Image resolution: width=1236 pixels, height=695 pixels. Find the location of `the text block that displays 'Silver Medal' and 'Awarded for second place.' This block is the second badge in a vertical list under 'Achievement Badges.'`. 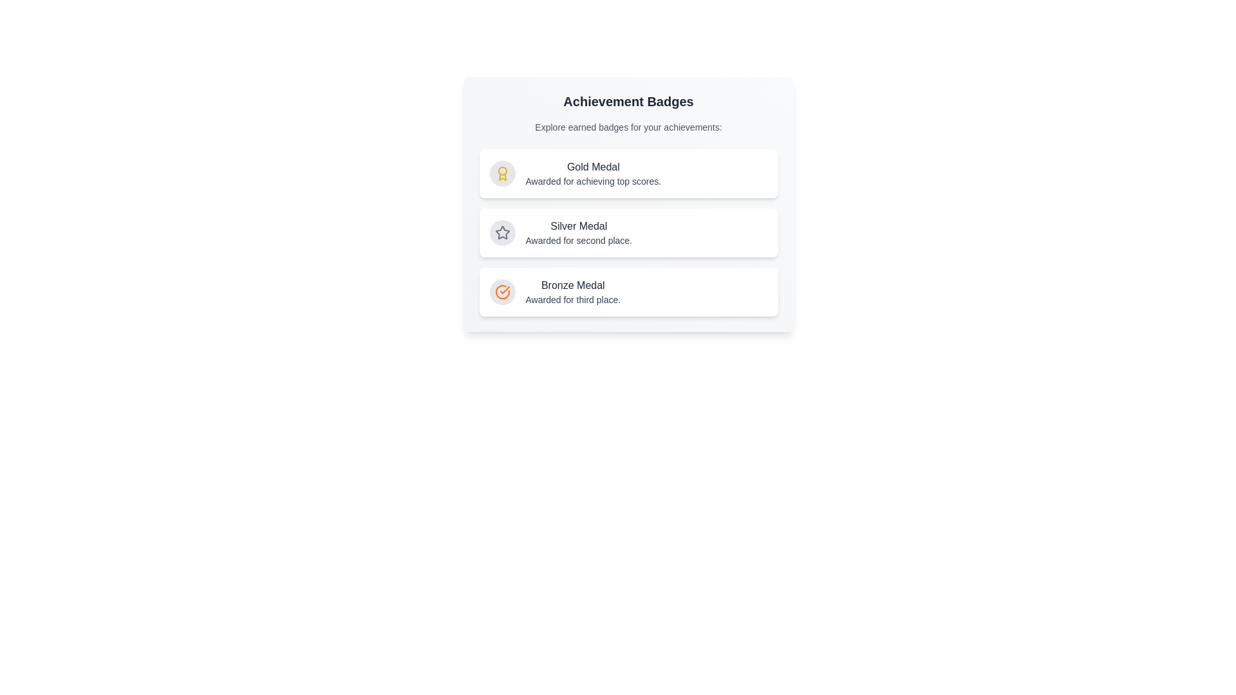

the text block that displays 'Silver Medal' and 'Awarded for second place.' This block is the second badge in a vertical list under 'Achievement Badges.' is located at coordinates (578, 233).